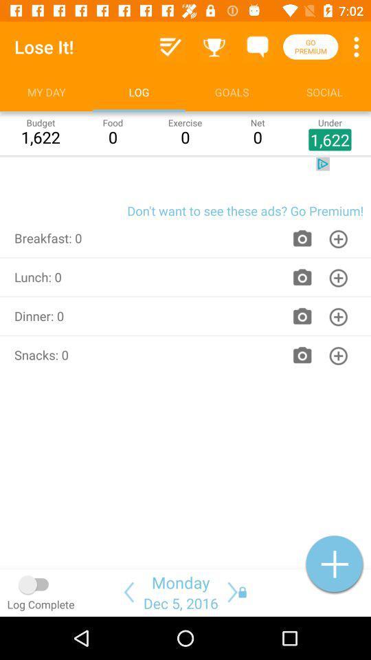 Image resolution: width=371 pixels, height=660 pixels. I want to click on the camera icon right to breakfast 0, so click(302, 238).